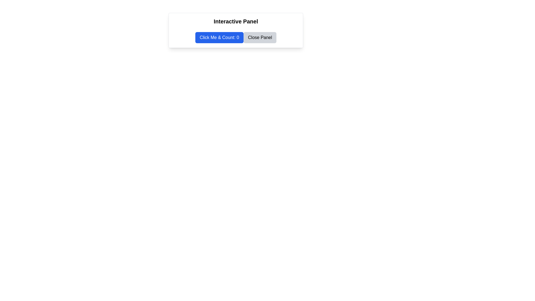 This screenshot has height=301, width=535. Describe the element at coordinates (236, 21) in the screenshot. I see `the title text element located at the top of the panel, which serves as a context label for the content and functionality within the panel` at that location.